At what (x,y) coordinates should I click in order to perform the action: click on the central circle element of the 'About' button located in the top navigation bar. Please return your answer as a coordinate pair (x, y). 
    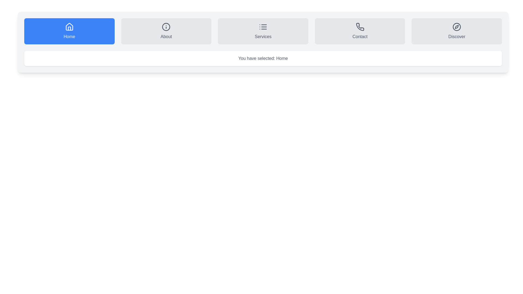
    Looking at the image, I should click on (166, 27).